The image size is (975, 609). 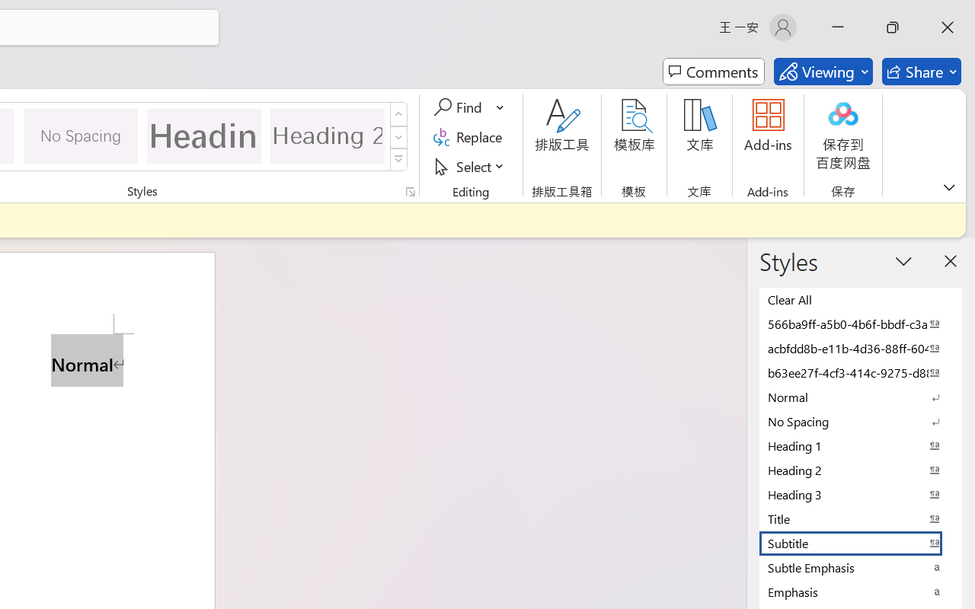 What do you see at coordinates (861, 347) in the screenshot?
I see `'acbfdd8b-e11b-4d36-88ff-6049b138f862'` at bounding box center [861, 347].